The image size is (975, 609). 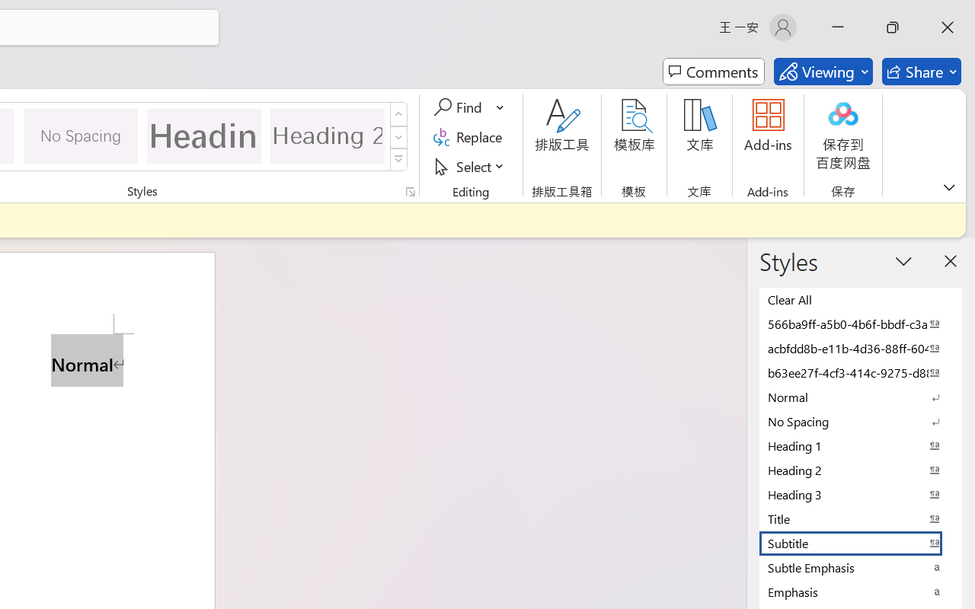 What do you see at coordinates (861, 347) in the screenshot?
I see `'acbfdd8b-e11b-4d36-88ff-6049b138f862'` at bounding box center [861, 347].